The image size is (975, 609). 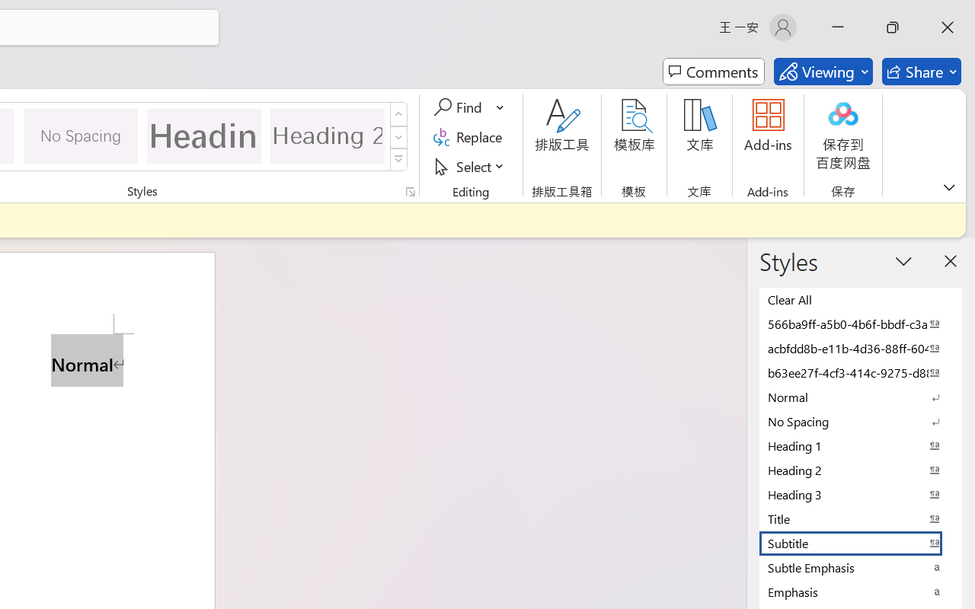 What do you see at coordinates (861, 347) in the screenshot?
I see `'acbfdd8b-e11b-4d36-88ff-6049b138f862'` at bounding box center [861, 347].